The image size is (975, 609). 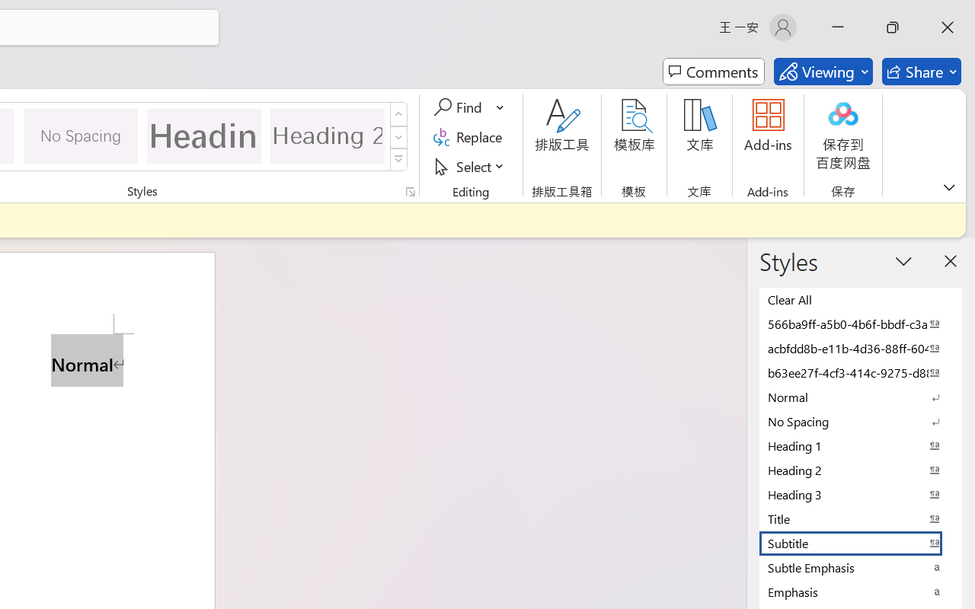 What do you see at coordinates (861, 347) in the screenshot?
I see `'acbfdd8b-e11b-4d36-88ff-6049b138f862'` at bounding box center [861, 347].